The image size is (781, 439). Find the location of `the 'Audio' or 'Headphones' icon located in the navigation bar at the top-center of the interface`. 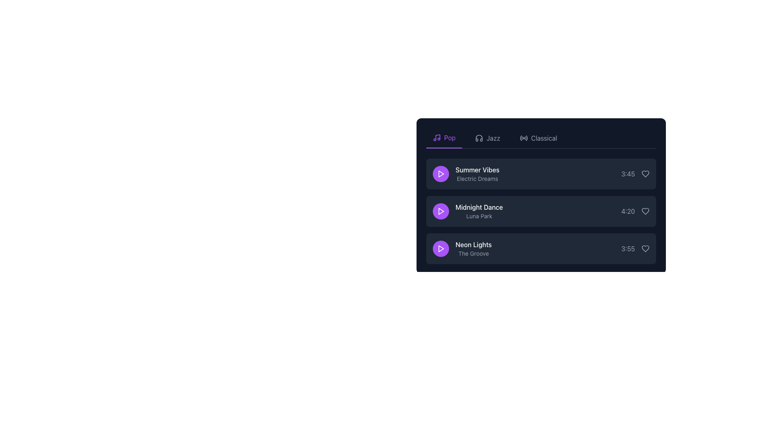

the 'Audio' or 'Headphones' icon located in the navigation bar at the top-center of the interface is located at coordinates (479, 137).